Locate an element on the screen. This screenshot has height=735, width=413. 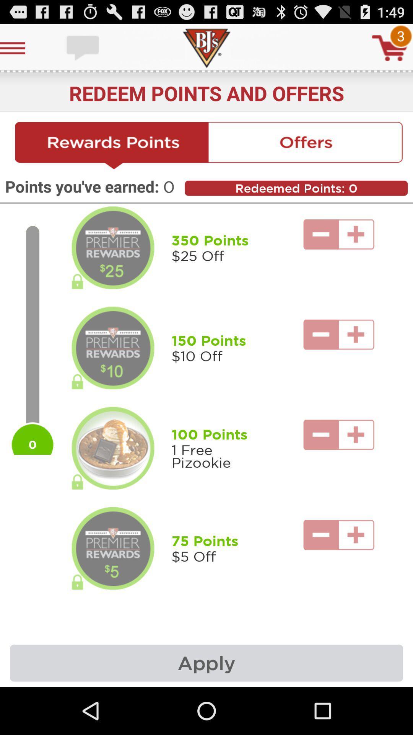
button for item page is located at coordinates (113, 448).